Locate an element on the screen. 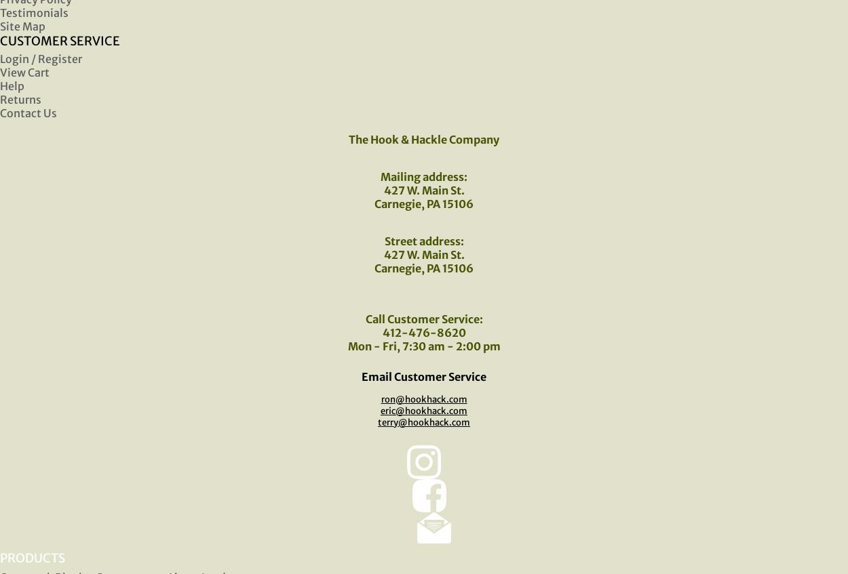 Image resolution: width=848 pixels, height=574 pixels. 'terry@hookhack.com' is located at coordinates (424, 421).